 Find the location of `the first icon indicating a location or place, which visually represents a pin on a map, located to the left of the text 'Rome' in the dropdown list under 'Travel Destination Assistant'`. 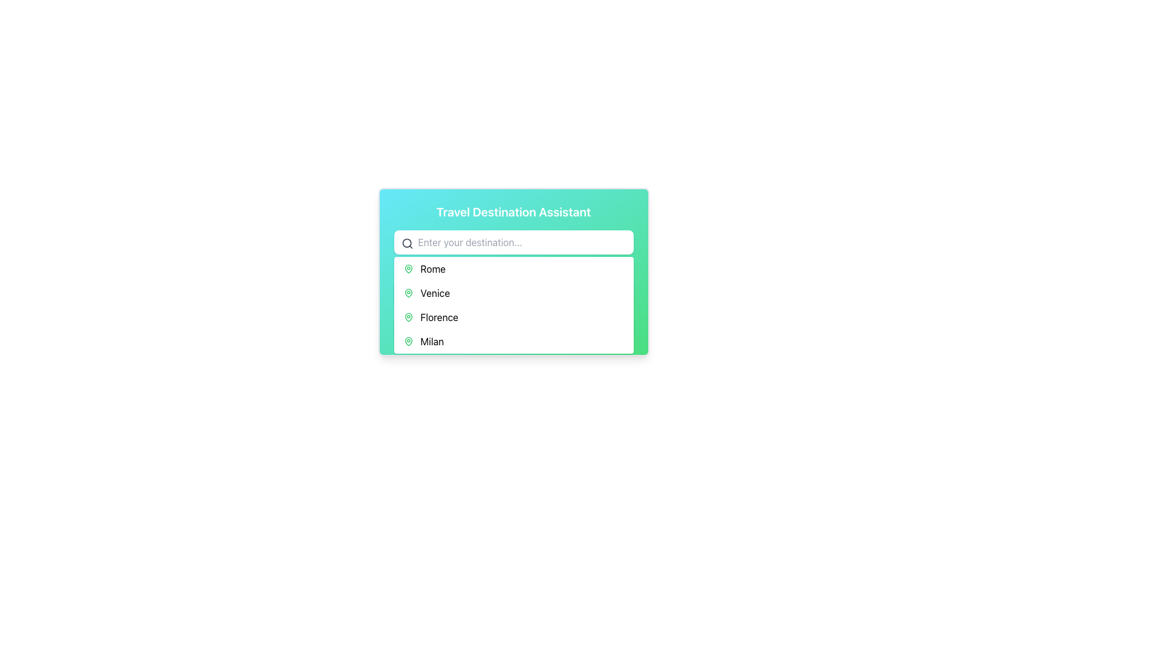

the first icon indicating a location or place, which visually represents a pin on a map, located to the left of the text 'Rome' in the dropdown list under 'Travel Destination Assistant' is located at coordinates (408, 268).